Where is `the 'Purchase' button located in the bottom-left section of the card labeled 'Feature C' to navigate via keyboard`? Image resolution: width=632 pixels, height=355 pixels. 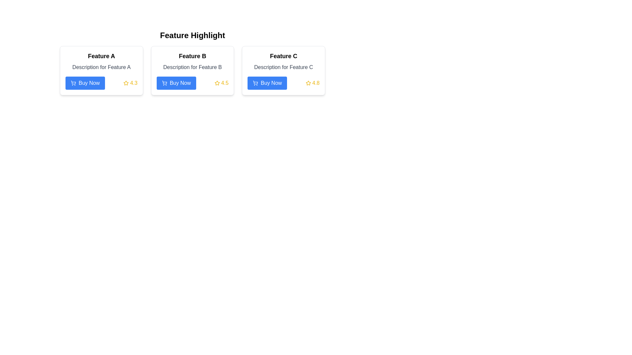
the 'Purchase' button located in the bottom-left section of the card labeled 'Feature C' to navigate via keyboard is located at coordinates (267, 83).